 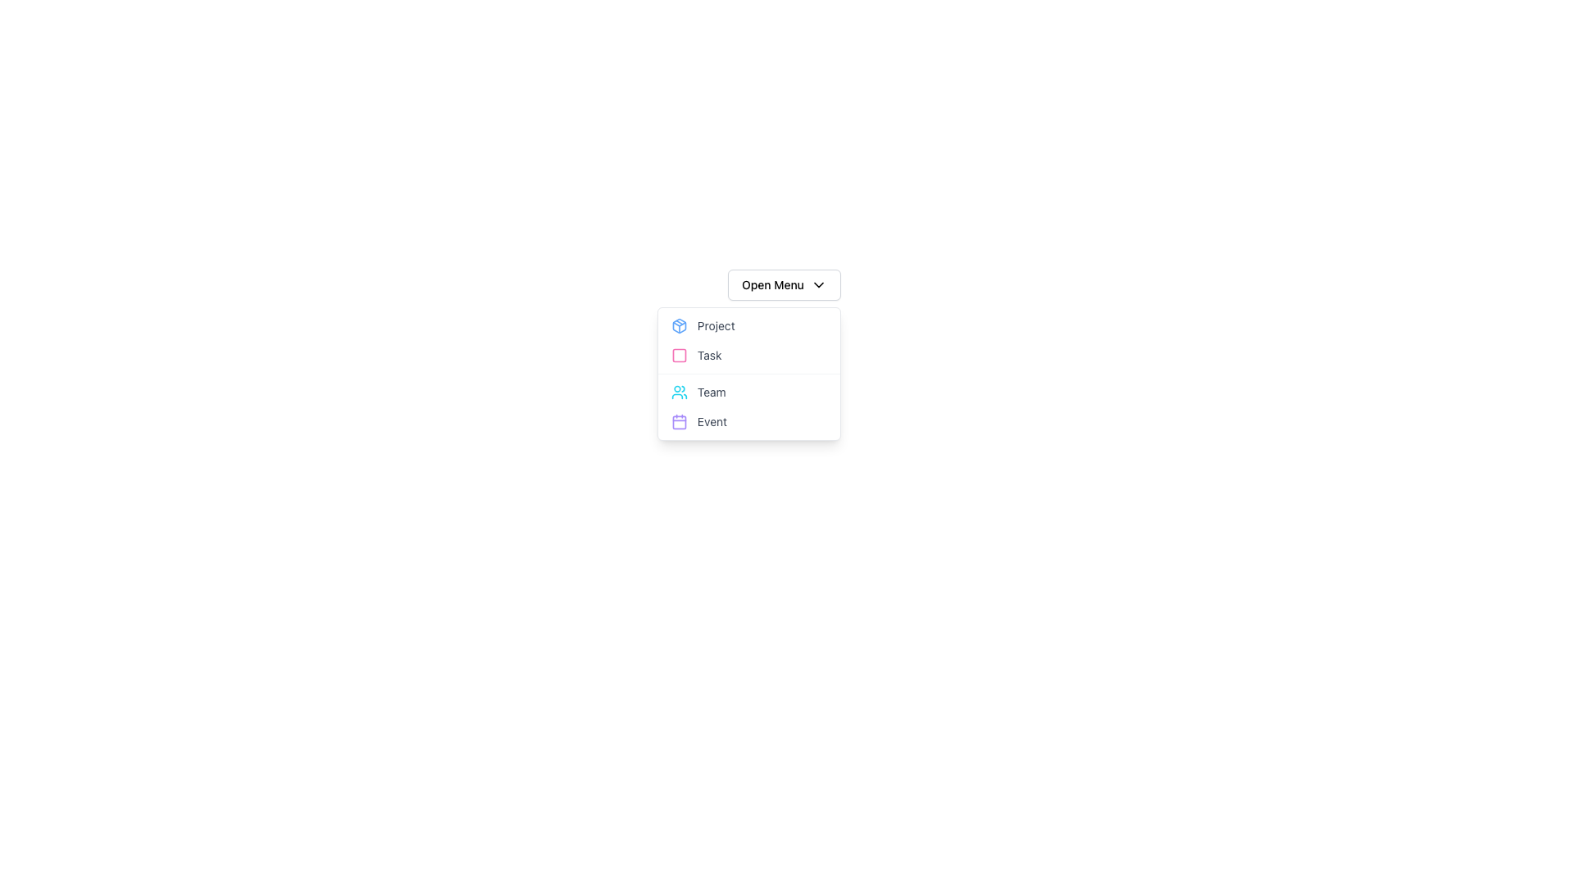 I want to click on the second option in the dropdown menu, which is linked to a 'Task' related operation, so click(x=748, y=355).